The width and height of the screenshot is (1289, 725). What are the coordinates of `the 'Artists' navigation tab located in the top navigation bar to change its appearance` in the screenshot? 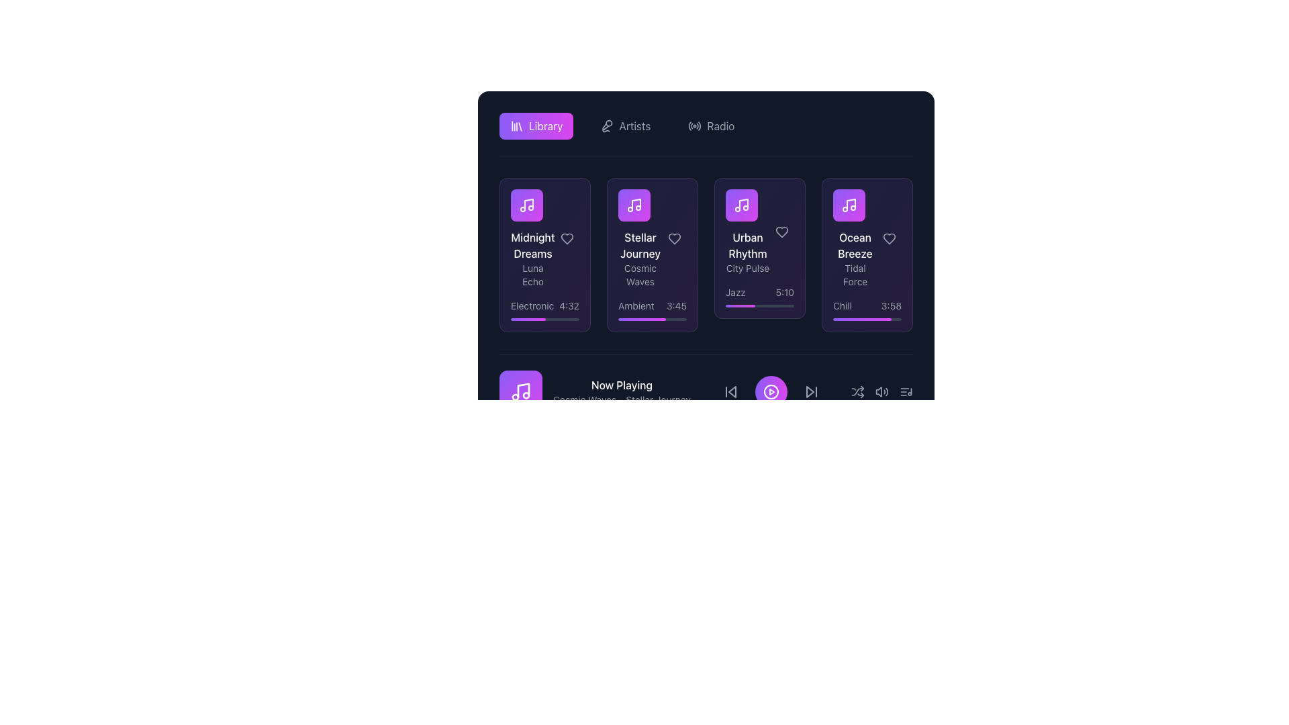 It's located at (624, 126).